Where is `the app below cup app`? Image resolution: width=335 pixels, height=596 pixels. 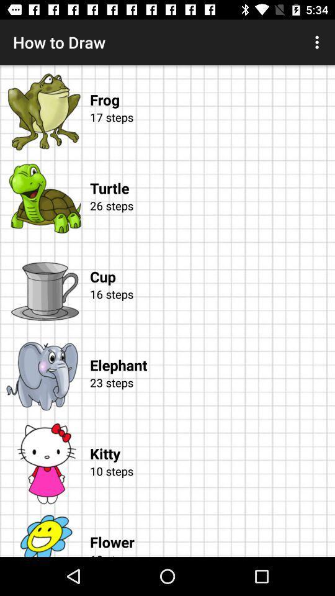
the app below cup app is located at coordinates (210, 308).